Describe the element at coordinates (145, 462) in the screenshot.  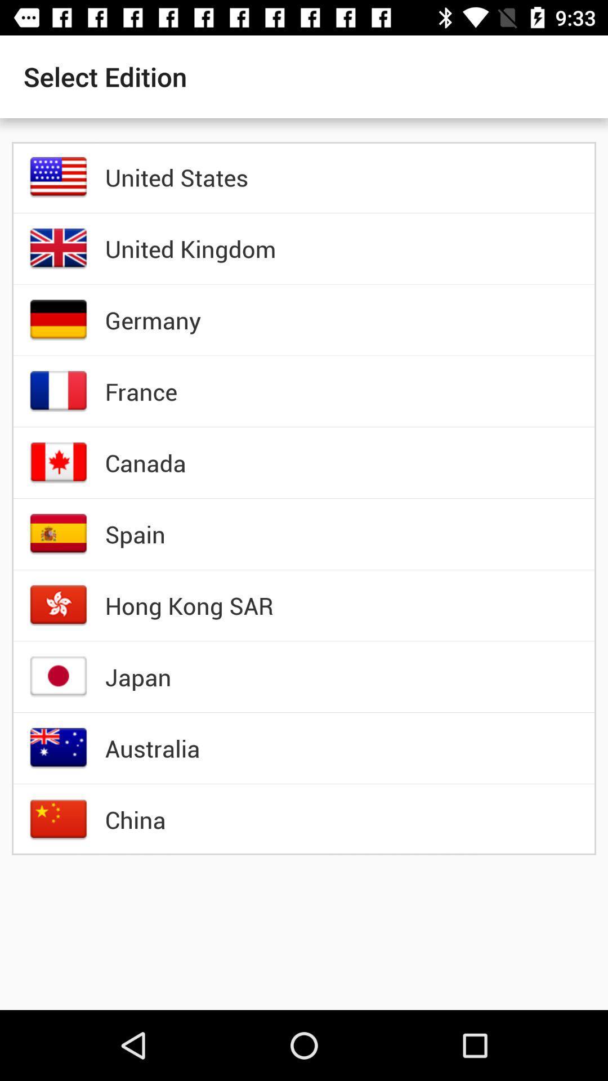
I see `the item above spain item` at that location.